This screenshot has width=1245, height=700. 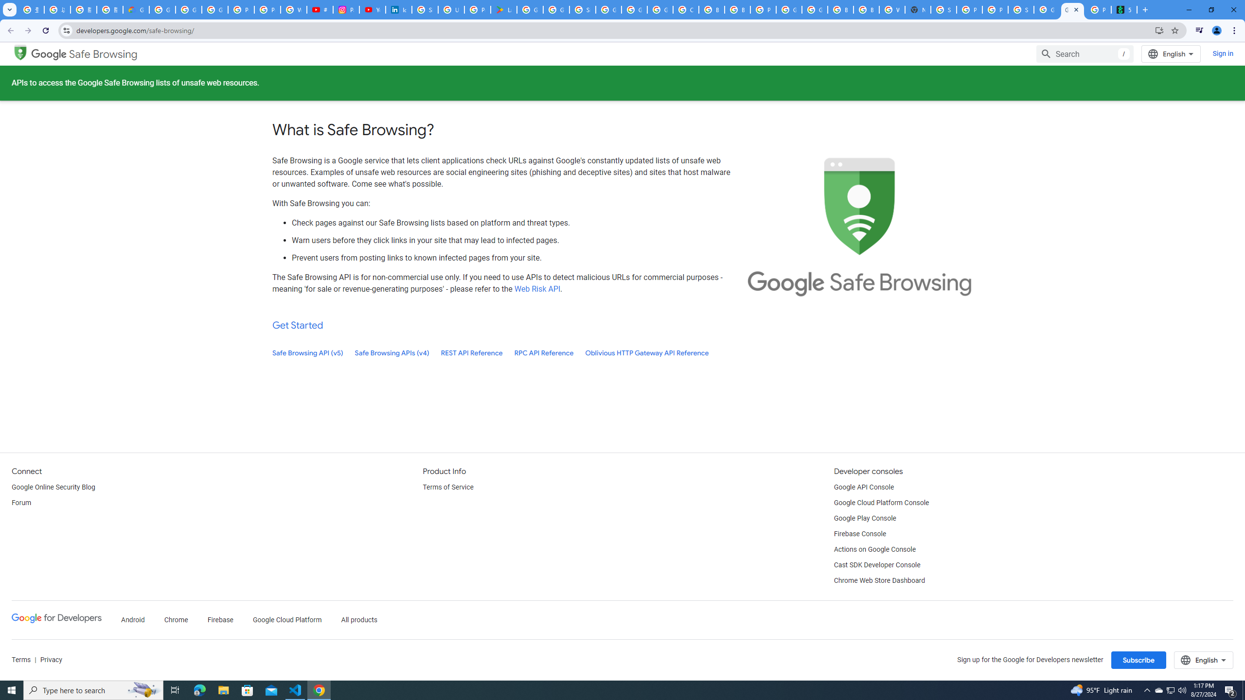 I want to click on 'Firebase', so click(x=220, y=620).